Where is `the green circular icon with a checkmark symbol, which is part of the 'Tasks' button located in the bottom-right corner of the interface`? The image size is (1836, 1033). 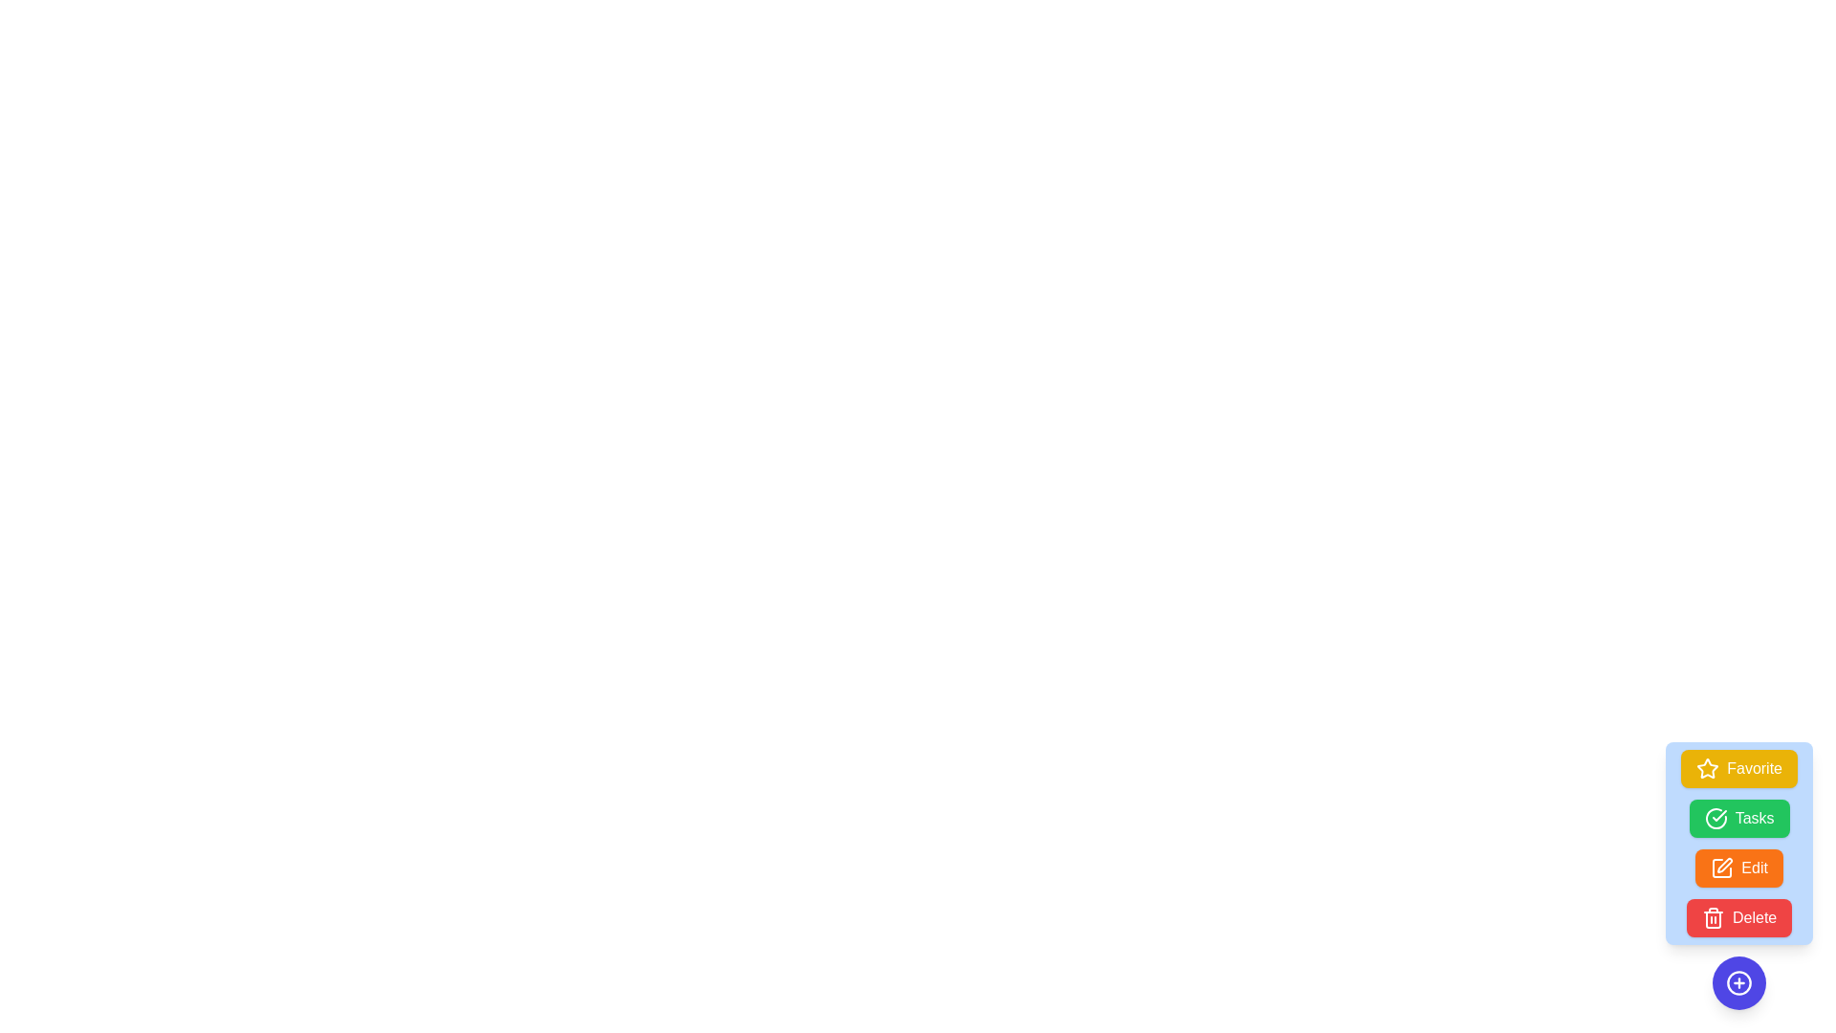 the green circular icon with a checkmark symbol, which is part of the 'Tasks' button located in the bottom-right corner of the interface is located at coordinates (1716, 818).